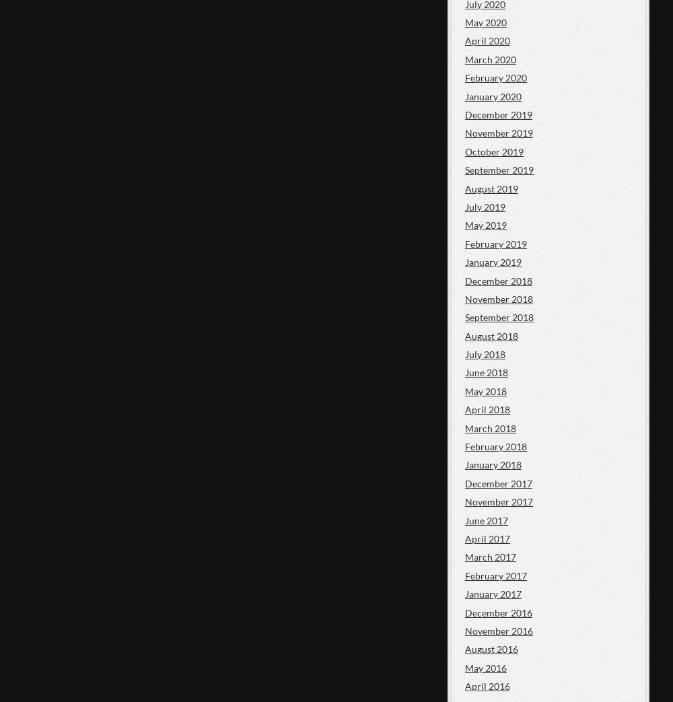 The width and height of the screenshot is (673, 702). I want to click on 'September 2019', so click(464, 170).